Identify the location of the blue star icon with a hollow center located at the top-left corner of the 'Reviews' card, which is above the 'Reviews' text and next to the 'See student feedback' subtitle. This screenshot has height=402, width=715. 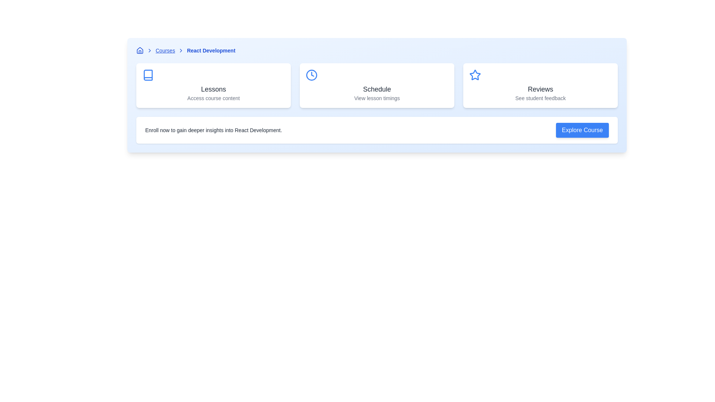
(475, 75).